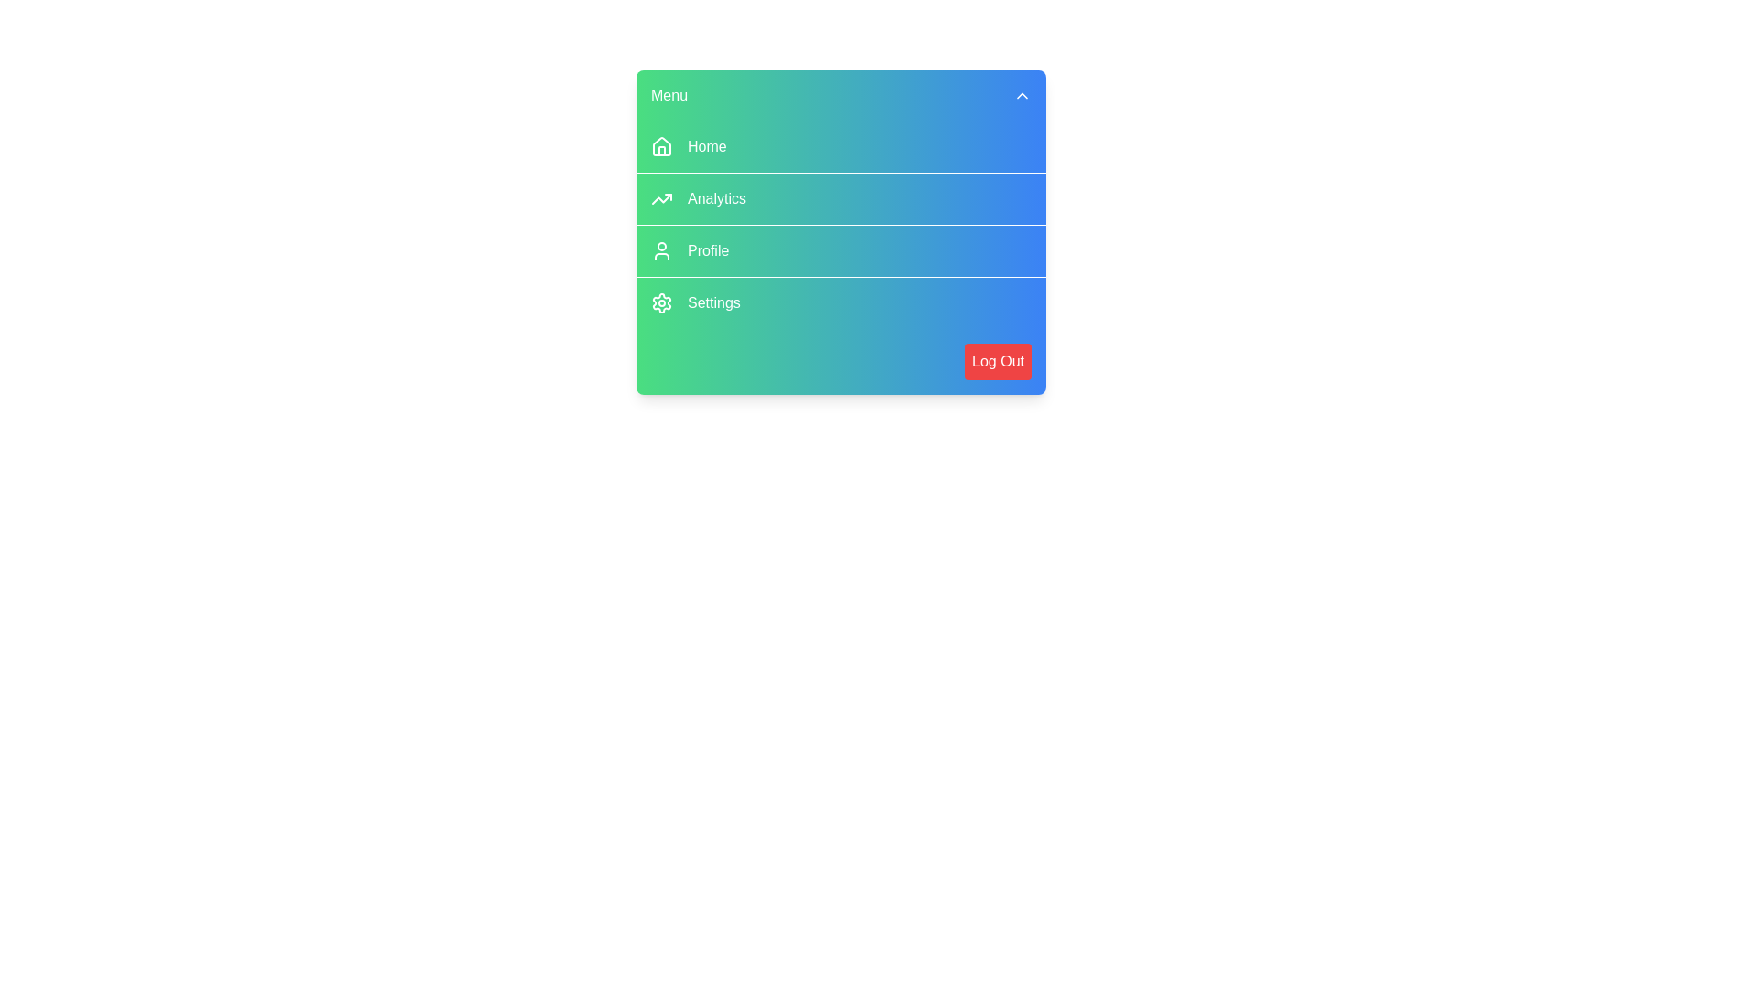 The width and height of the screenshot is (1756, 987). I want to click on the menu item Profile to trigger its hover effect, so click(841, 250).